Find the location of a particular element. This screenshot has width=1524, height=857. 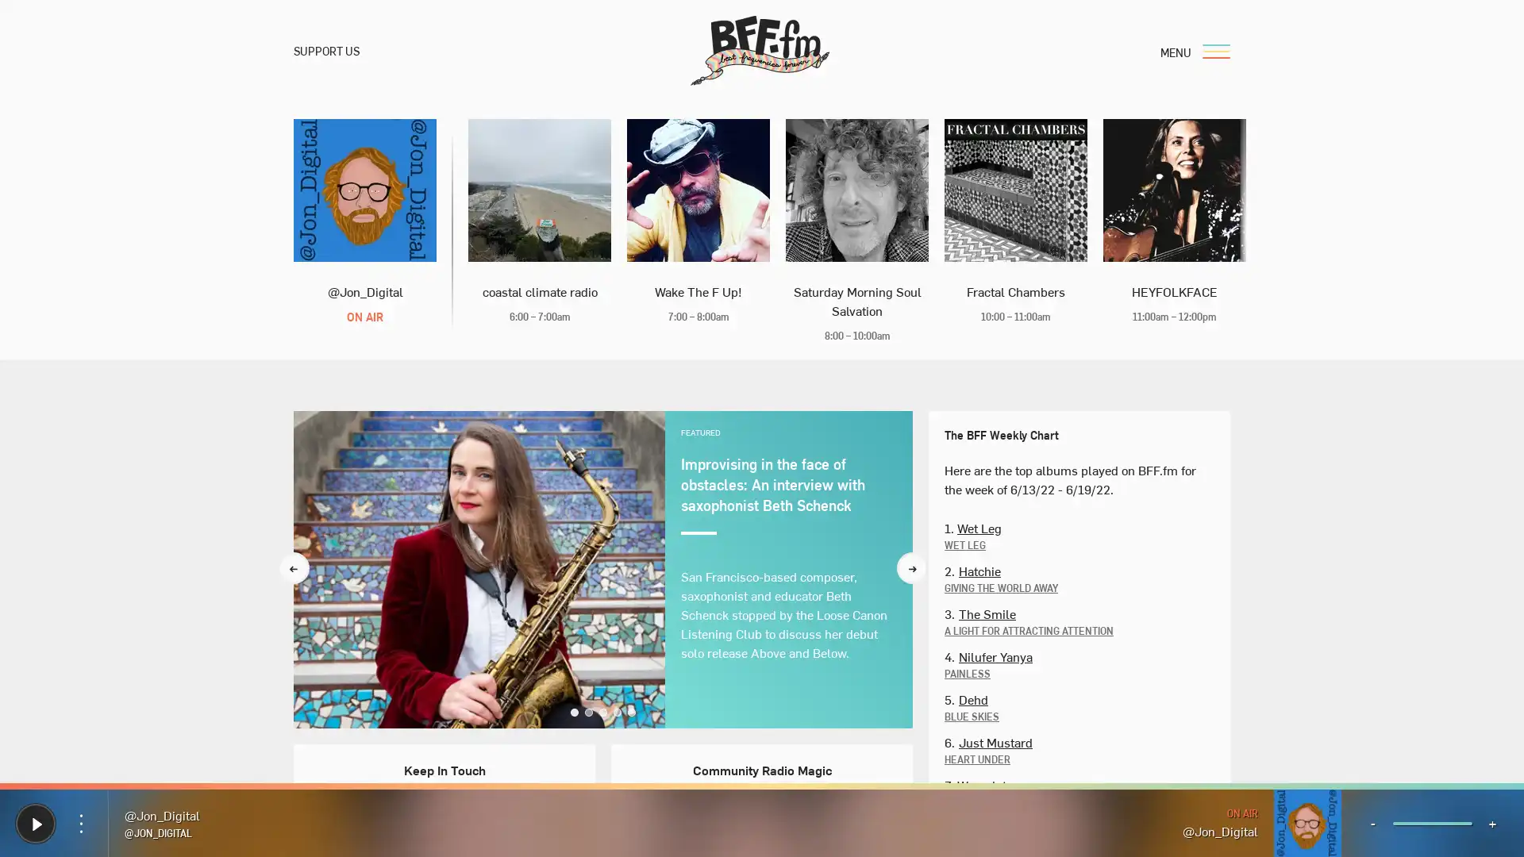

Play Play BFF.fm Live Radio is located at coordinates (15, 805).